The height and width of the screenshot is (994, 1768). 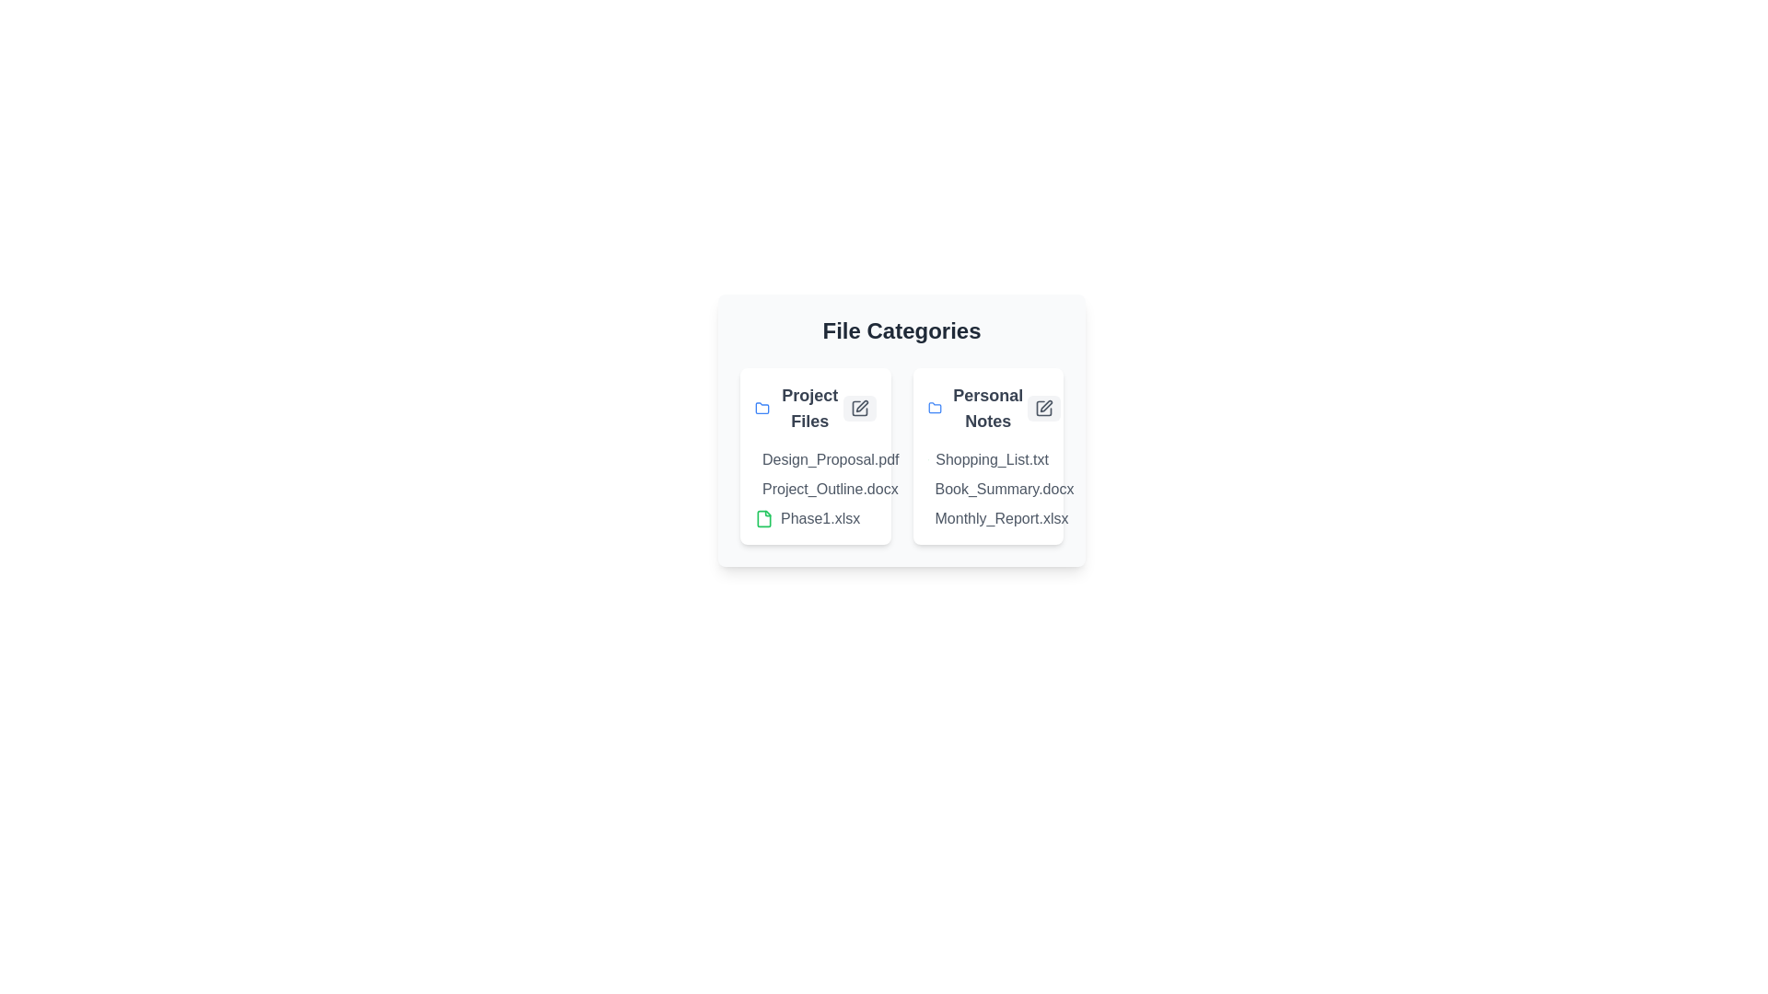 What do you see at coordinates (755, 489) in the screenshot?
I see `the text of the document named Project_Outline.docx in the list` at bounding box center [755, 489].